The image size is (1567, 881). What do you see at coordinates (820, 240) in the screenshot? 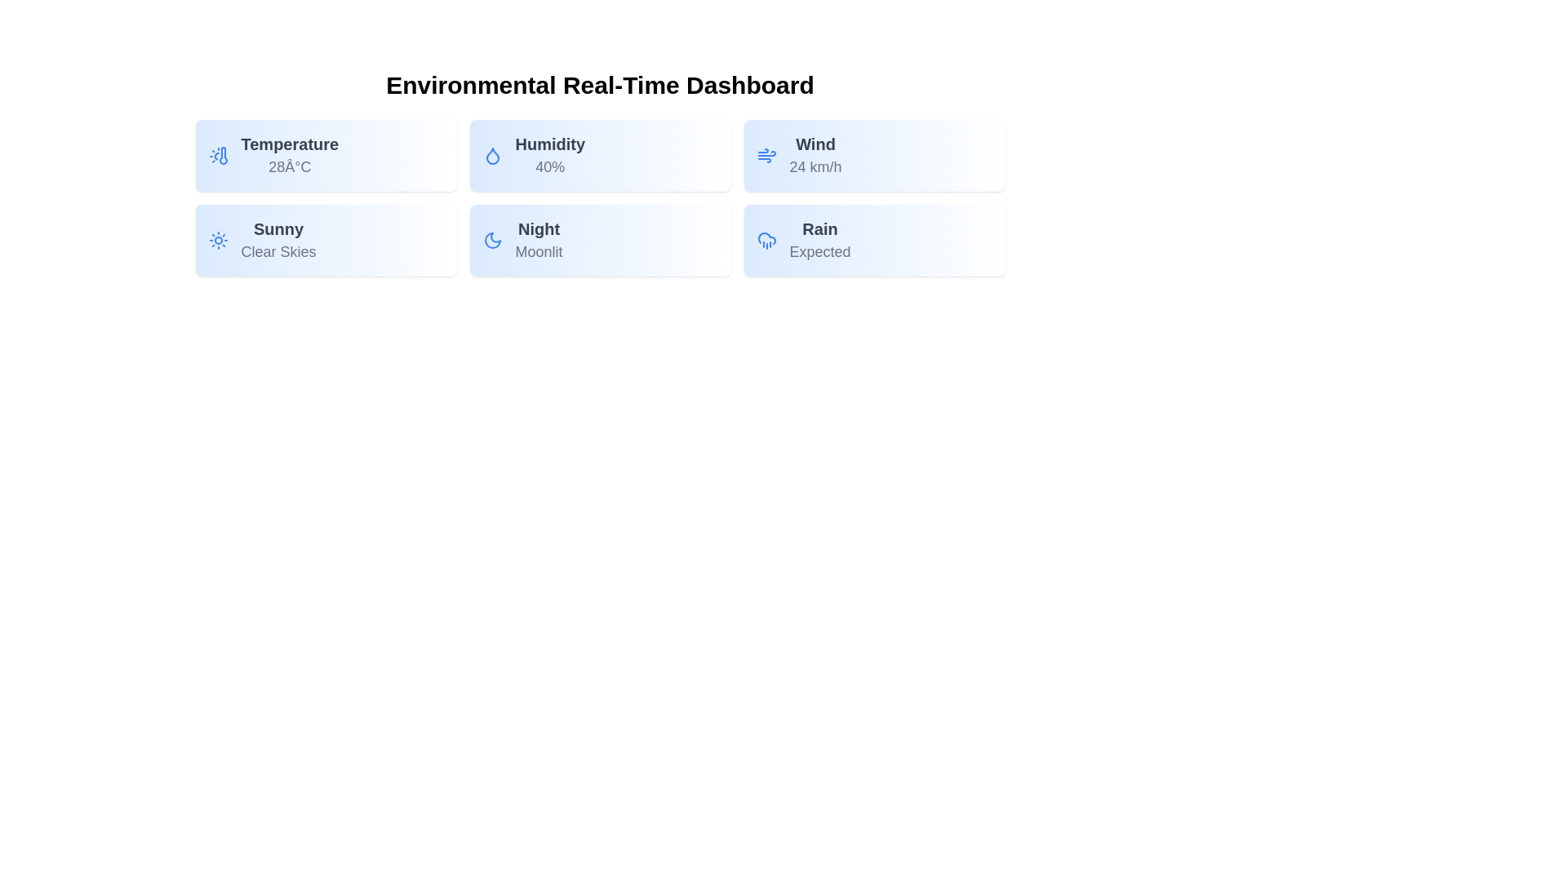
I see `the Text label displaying weather information indicating rain, located in the lower-right quadrant of the weather indicators grid` at bounding box center [820, 240].